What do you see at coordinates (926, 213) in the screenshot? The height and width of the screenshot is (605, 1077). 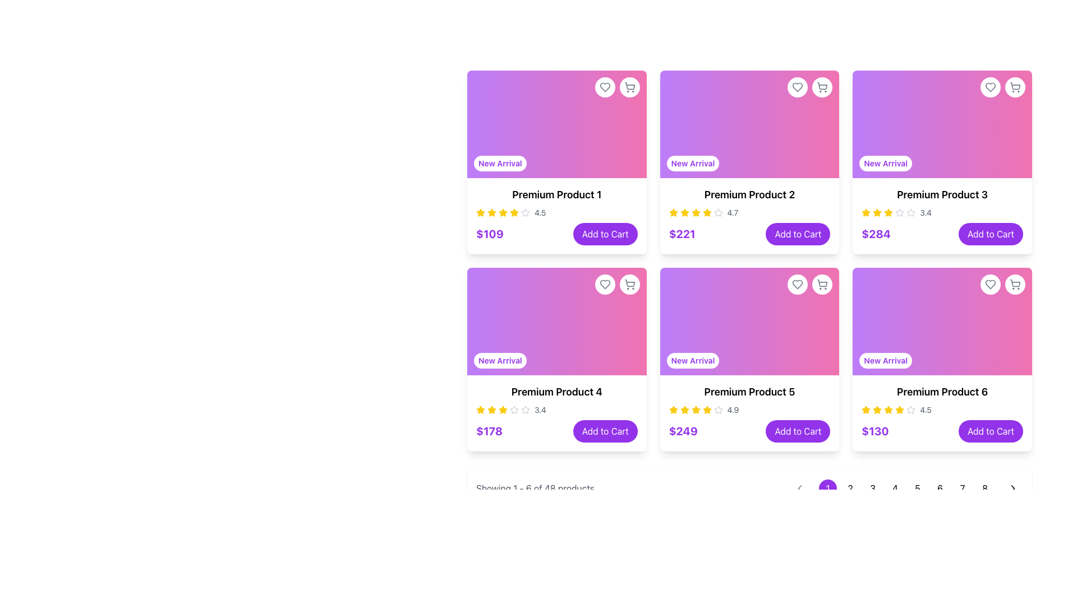 I see `numerical rating displayed in the gray text label showing a value of '3.4', located in the fourth card of a 3x2 grid layout` at bounding box center [926, 213].